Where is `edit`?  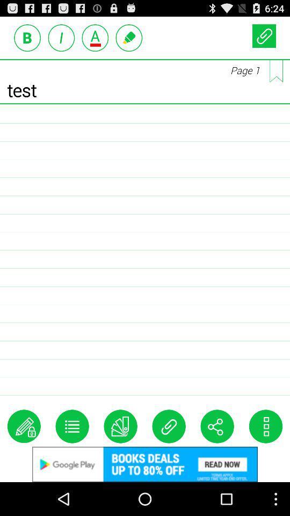 edit is located at coordinates (24, 426).